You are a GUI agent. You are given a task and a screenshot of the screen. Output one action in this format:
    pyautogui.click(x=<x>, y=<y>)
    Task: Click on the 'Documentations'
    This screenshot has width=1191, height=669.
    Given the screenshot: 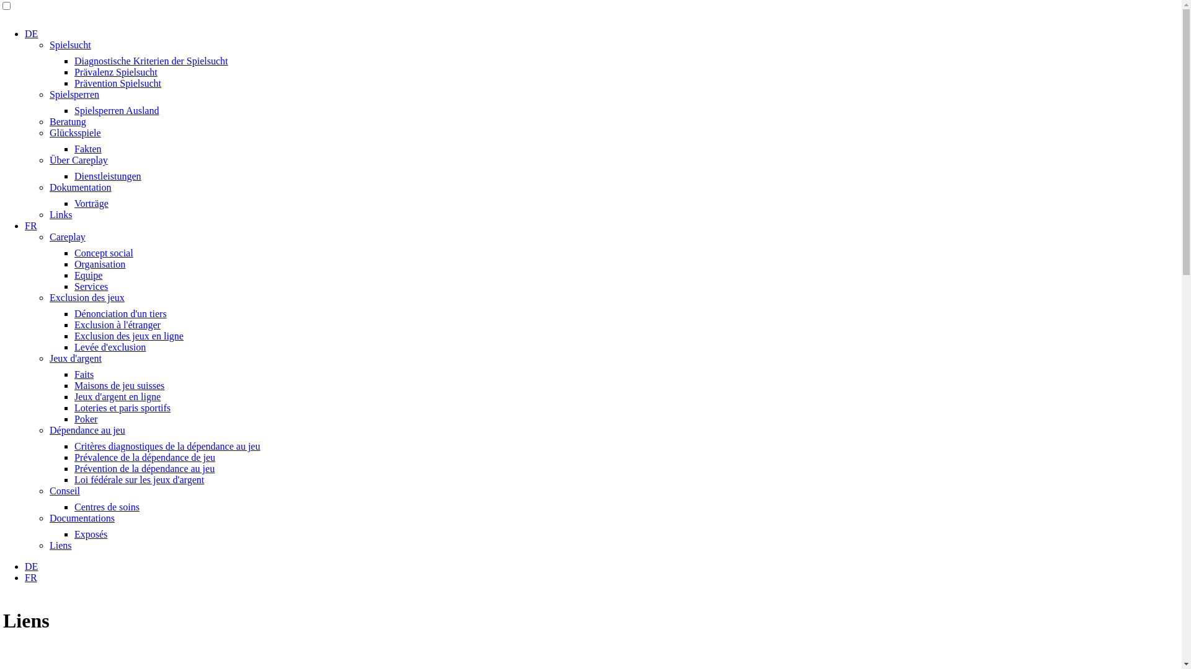 What is the action you would take?
    pyautogui.click(x=50, y=518)
    